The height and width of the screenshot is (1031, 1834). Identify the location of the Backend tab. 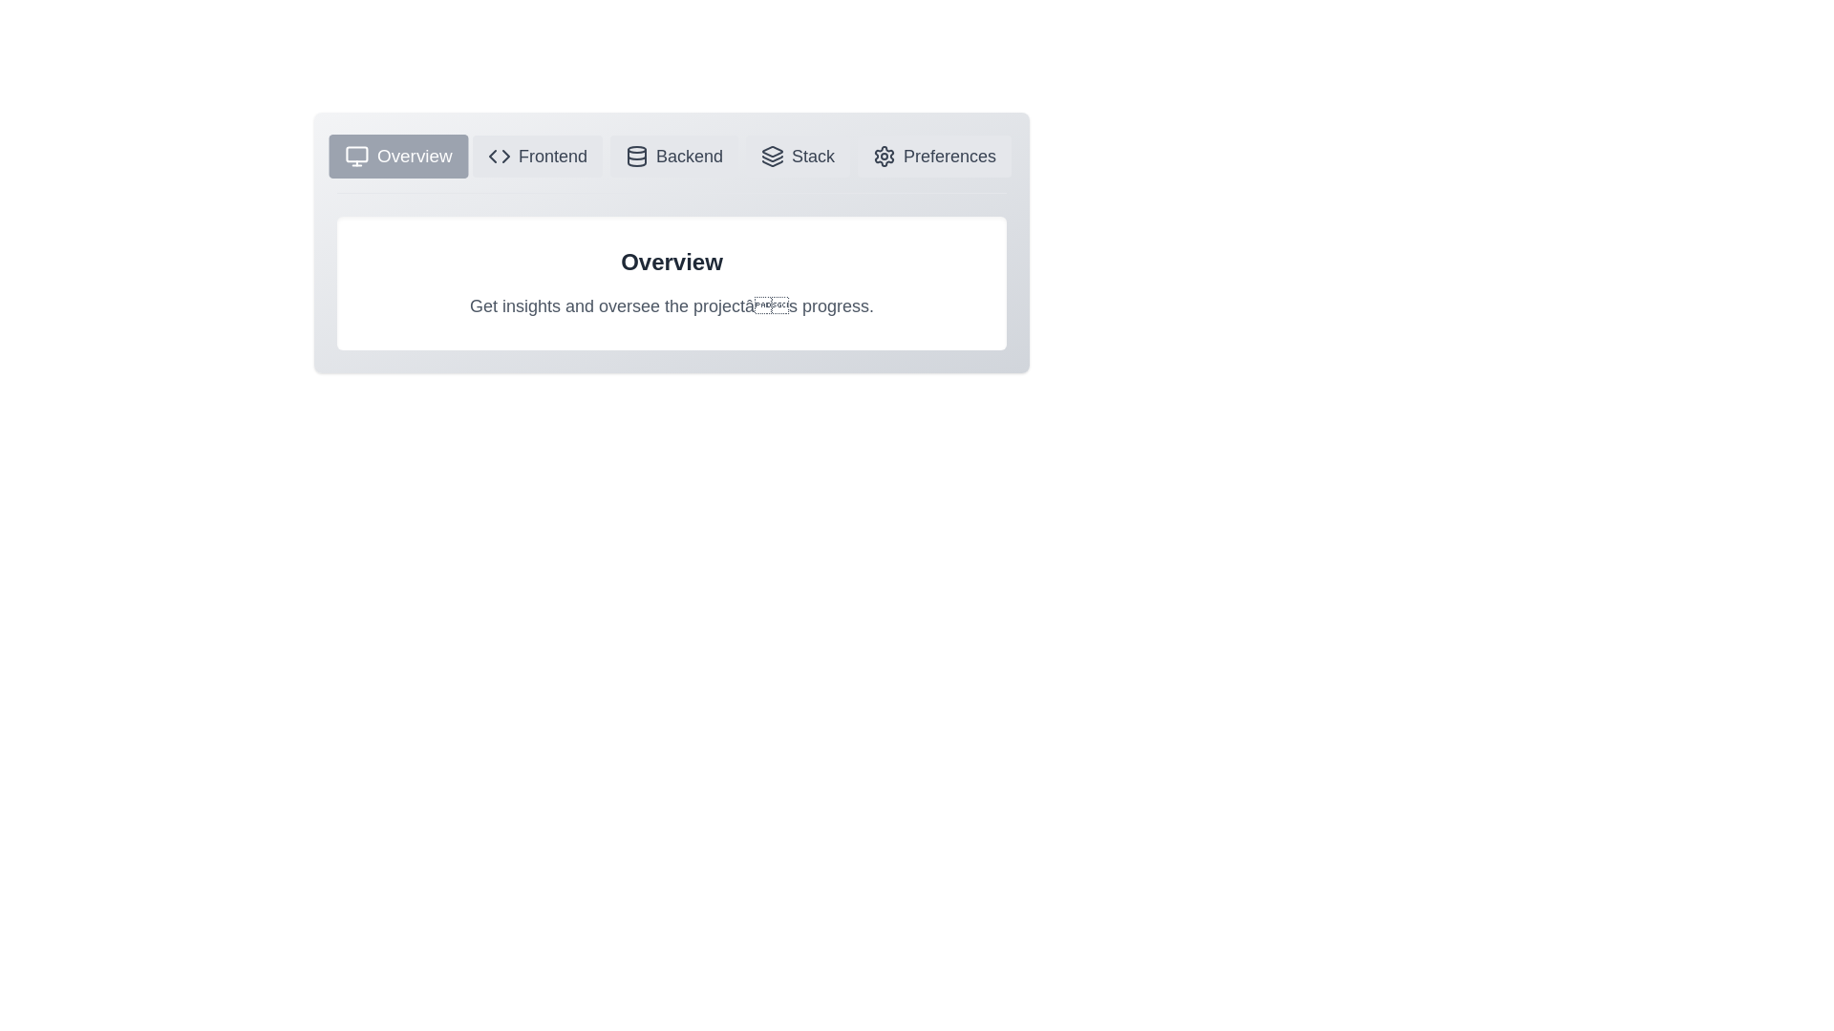
(673, 156).